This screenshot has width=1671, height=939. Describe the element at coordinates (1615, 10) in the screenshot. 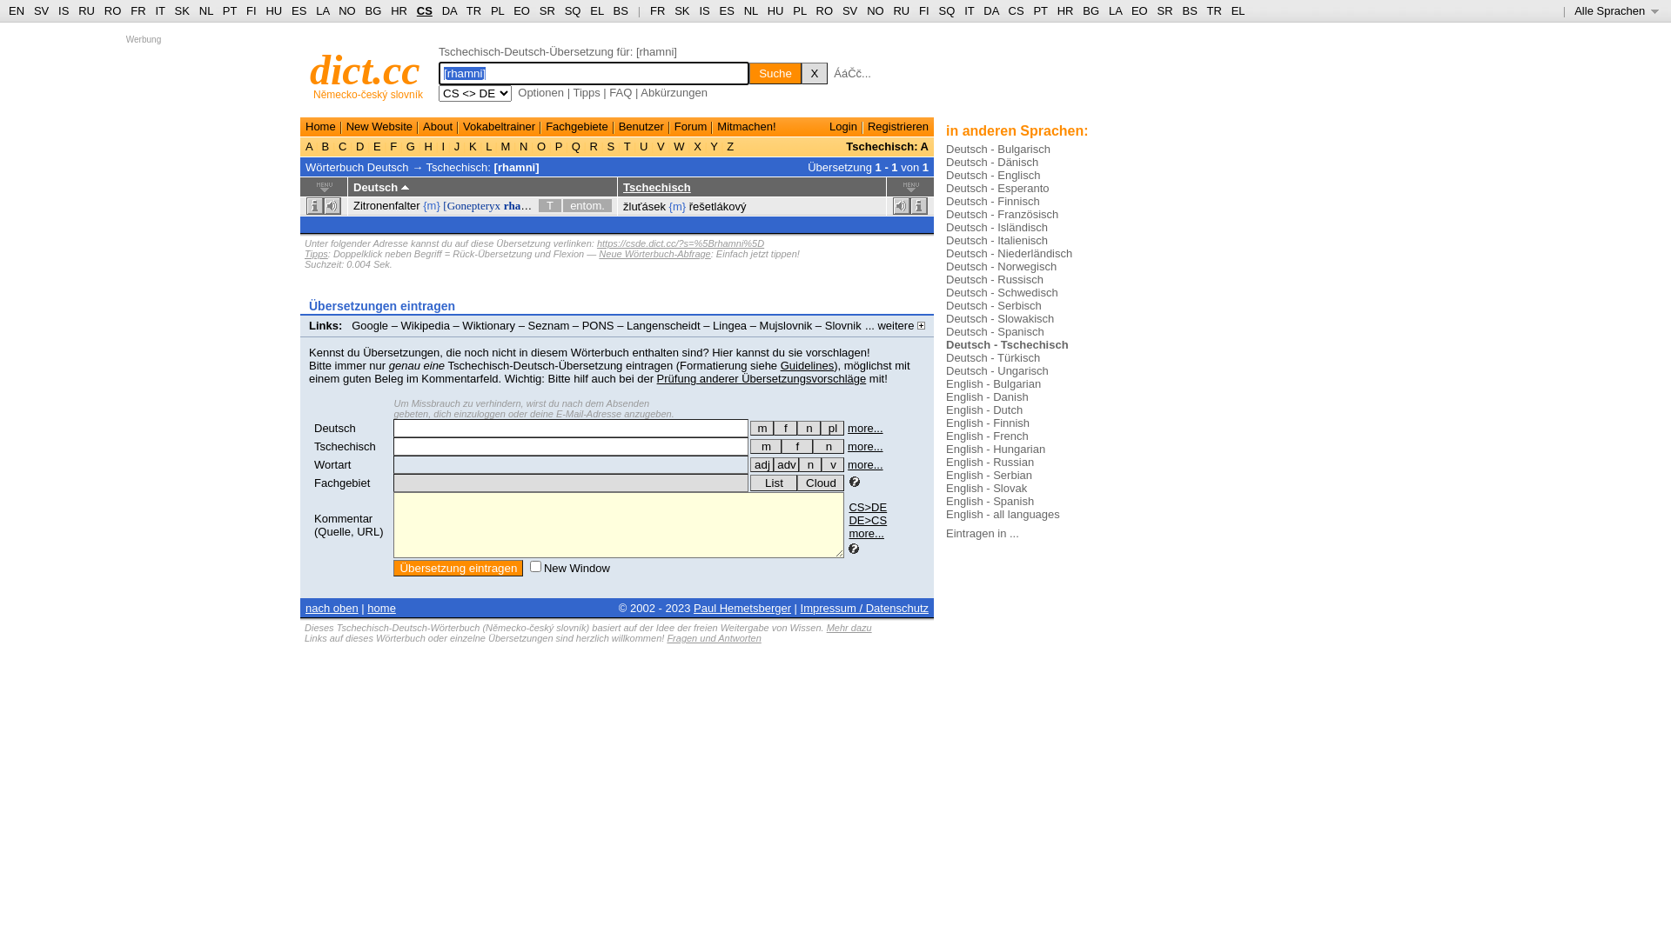

I see `'Alle Sprachen '` at that location.